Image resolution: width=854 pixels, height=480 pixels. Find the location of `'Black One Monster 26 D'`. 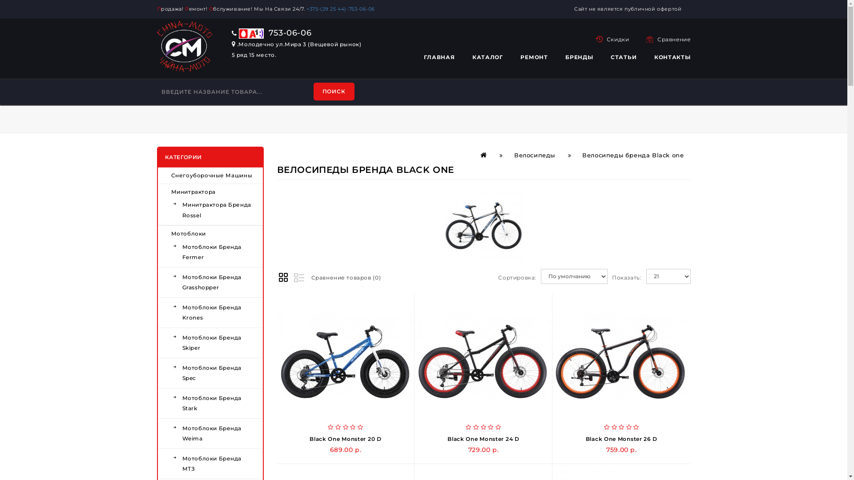

'Black One Monster 26 D' is located at coordinates (621, 438).